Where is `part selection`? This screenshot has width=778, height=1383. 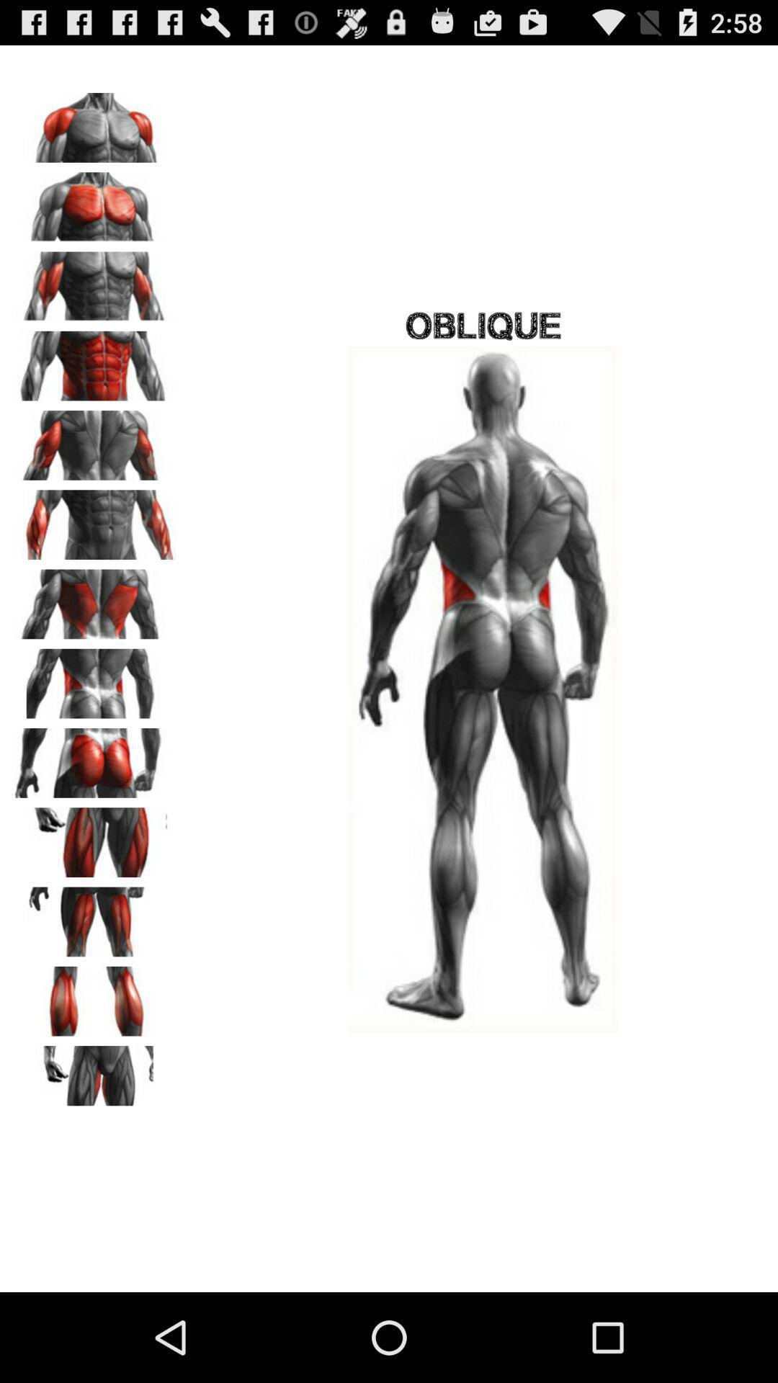
part selection is located at coordinates (94, 599).